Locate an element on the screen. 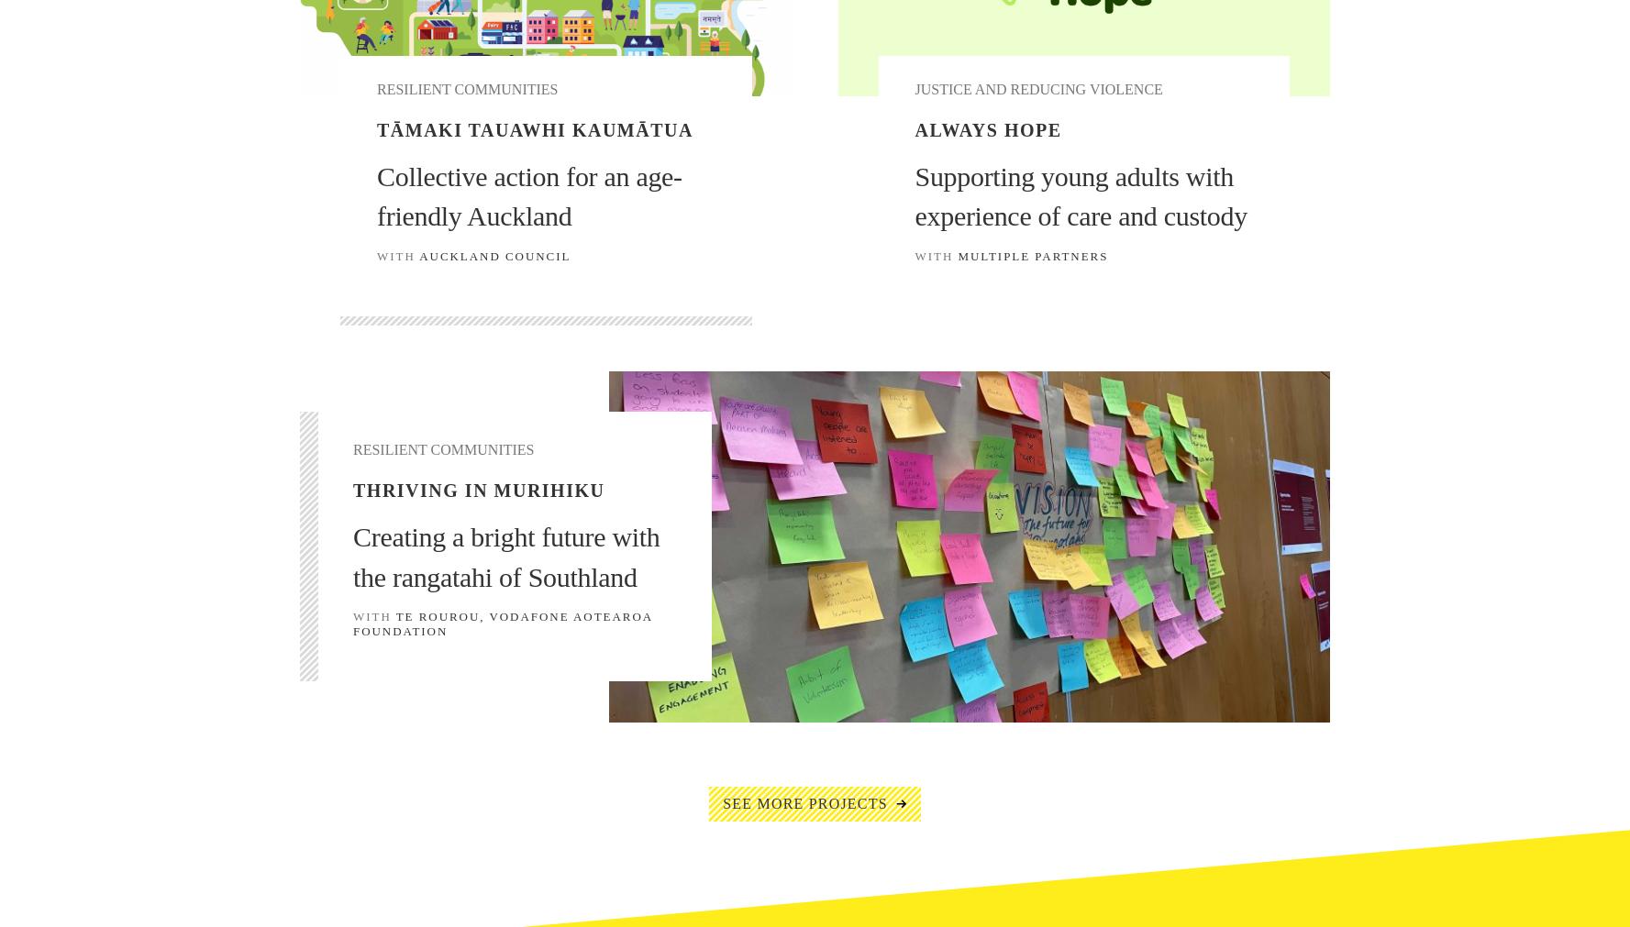 This screenshot has width=1630, height=927. 'Supporting young adults with experience of care and custody' is located at coordinates (1080, 195).